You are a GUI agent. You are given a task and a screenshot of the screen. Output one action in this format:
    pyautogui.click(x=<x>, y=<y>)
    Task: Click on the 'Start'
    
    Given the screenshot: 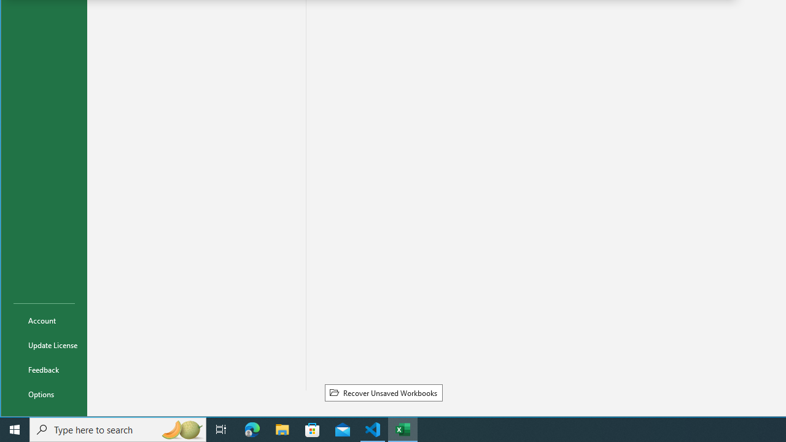 What is the action you would take?
    pyautogui.click(x=15, y=428)
    